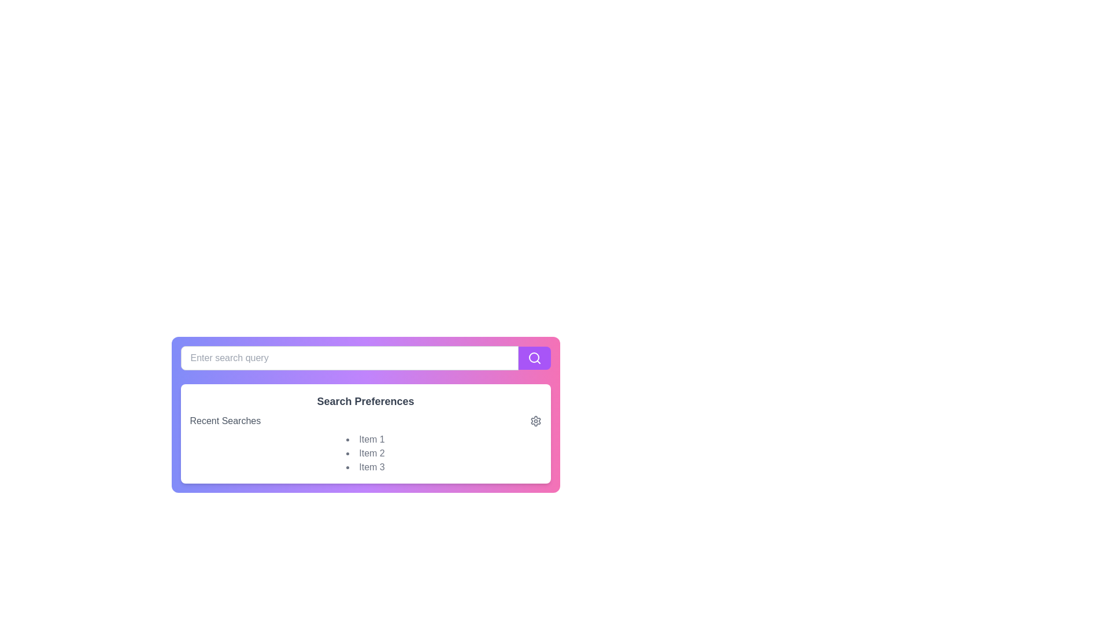 Image resolution: width=1110 pixels, height=624 pixels. What do you see at coordinates (225, 421) in the screenshot?
I see `the Static Text element labeled 'Recent Searches'` at bounding box center [225, 421].